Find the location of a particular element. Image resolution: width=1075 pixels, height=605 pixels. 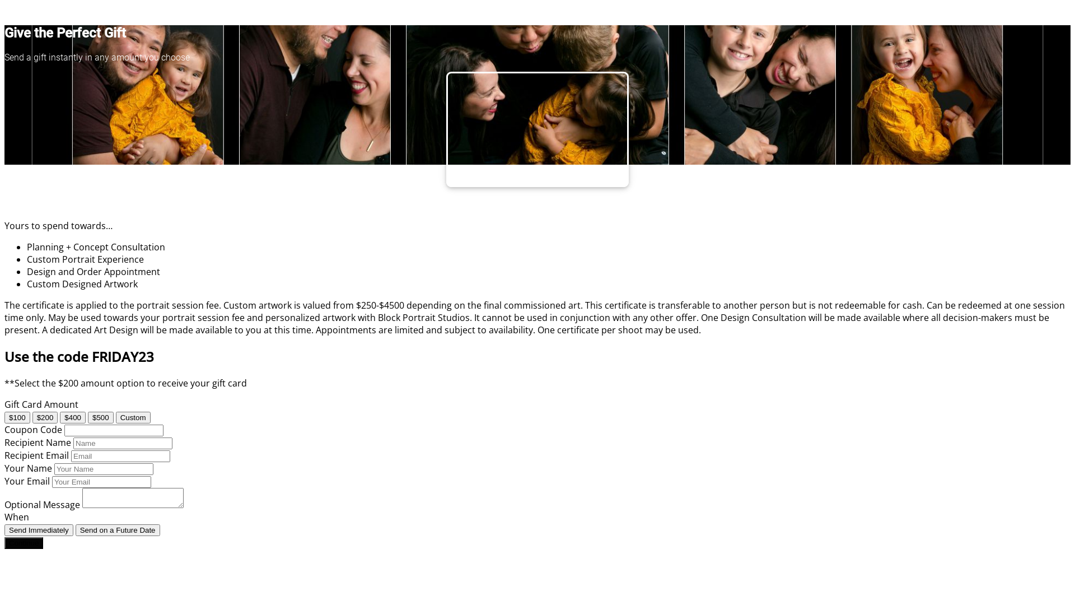

'$100' is located at coordinates (4, 417).